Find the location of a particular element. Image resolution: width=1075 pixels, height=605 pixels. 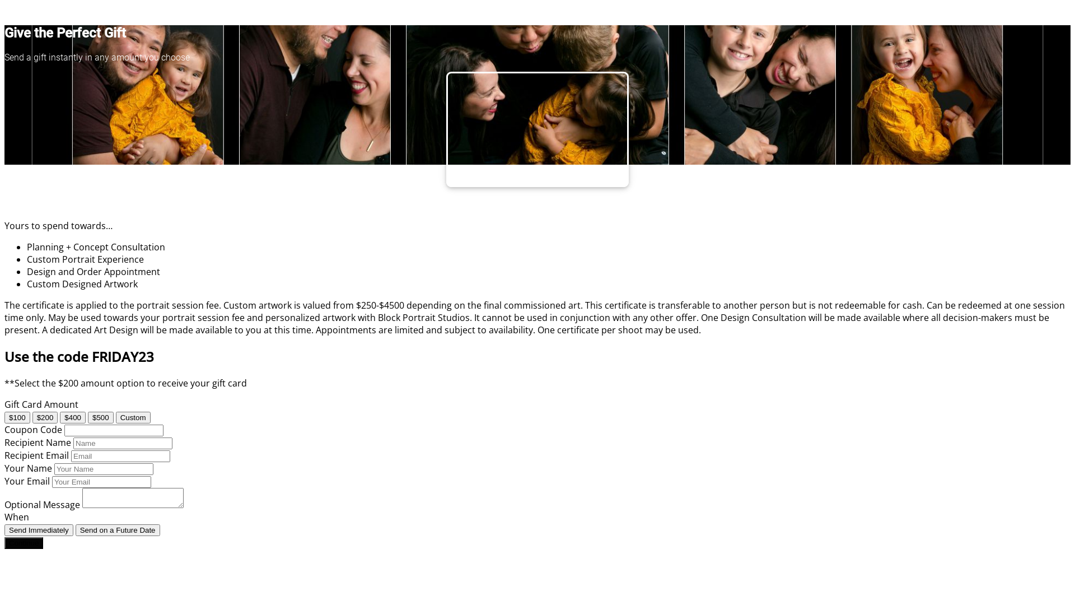

'$100' is located at coordinates (4, 417).